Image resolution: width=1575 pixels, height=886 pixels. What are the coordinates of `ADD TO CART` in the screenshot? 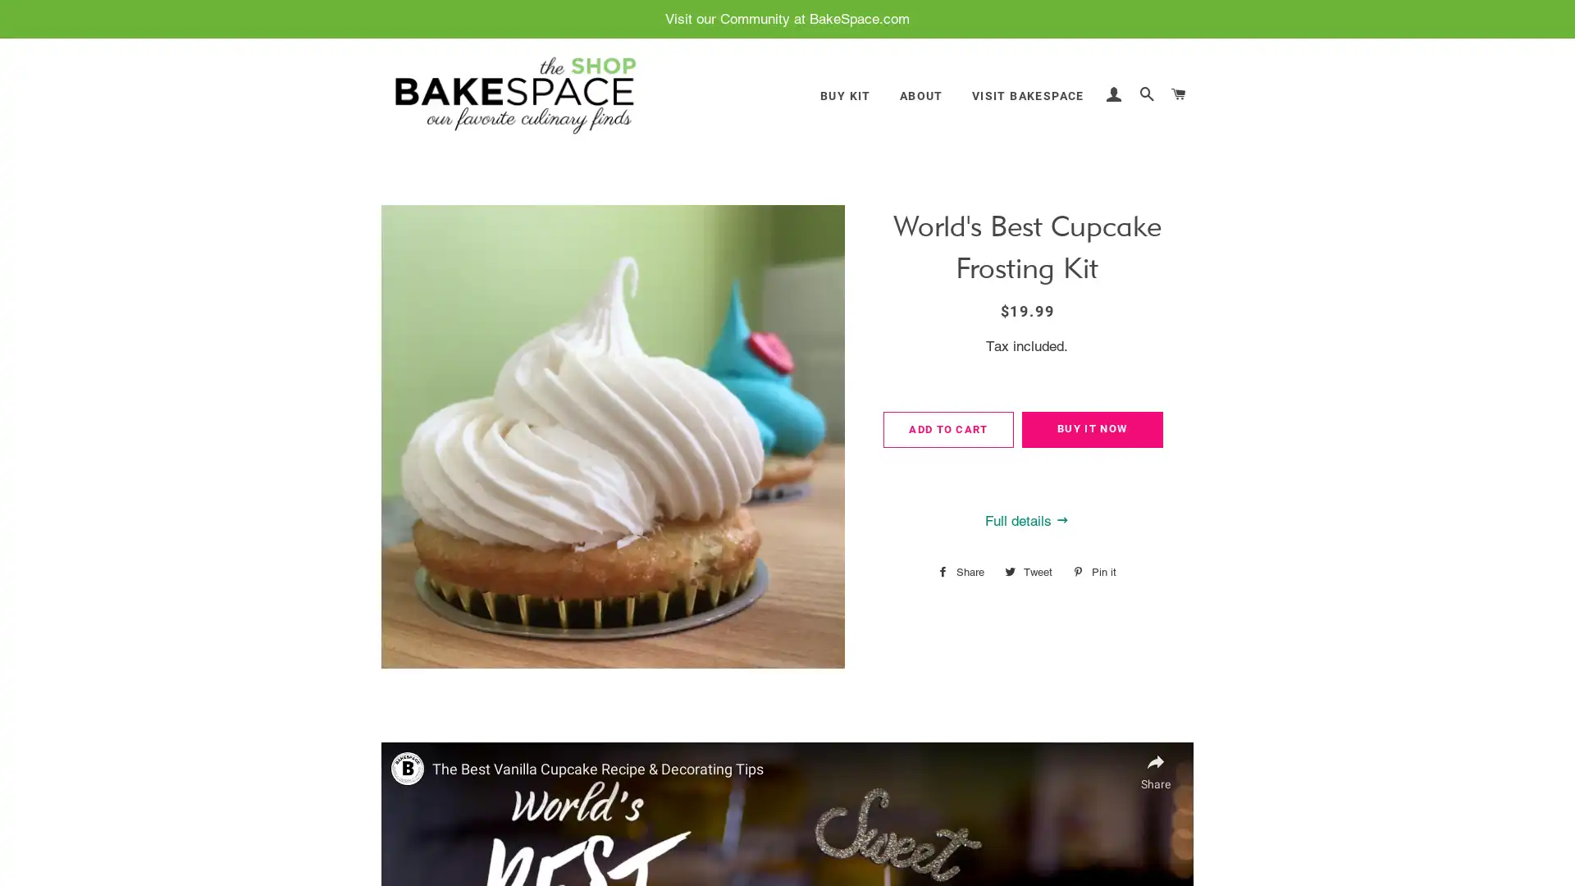 It's located at (948, 428).